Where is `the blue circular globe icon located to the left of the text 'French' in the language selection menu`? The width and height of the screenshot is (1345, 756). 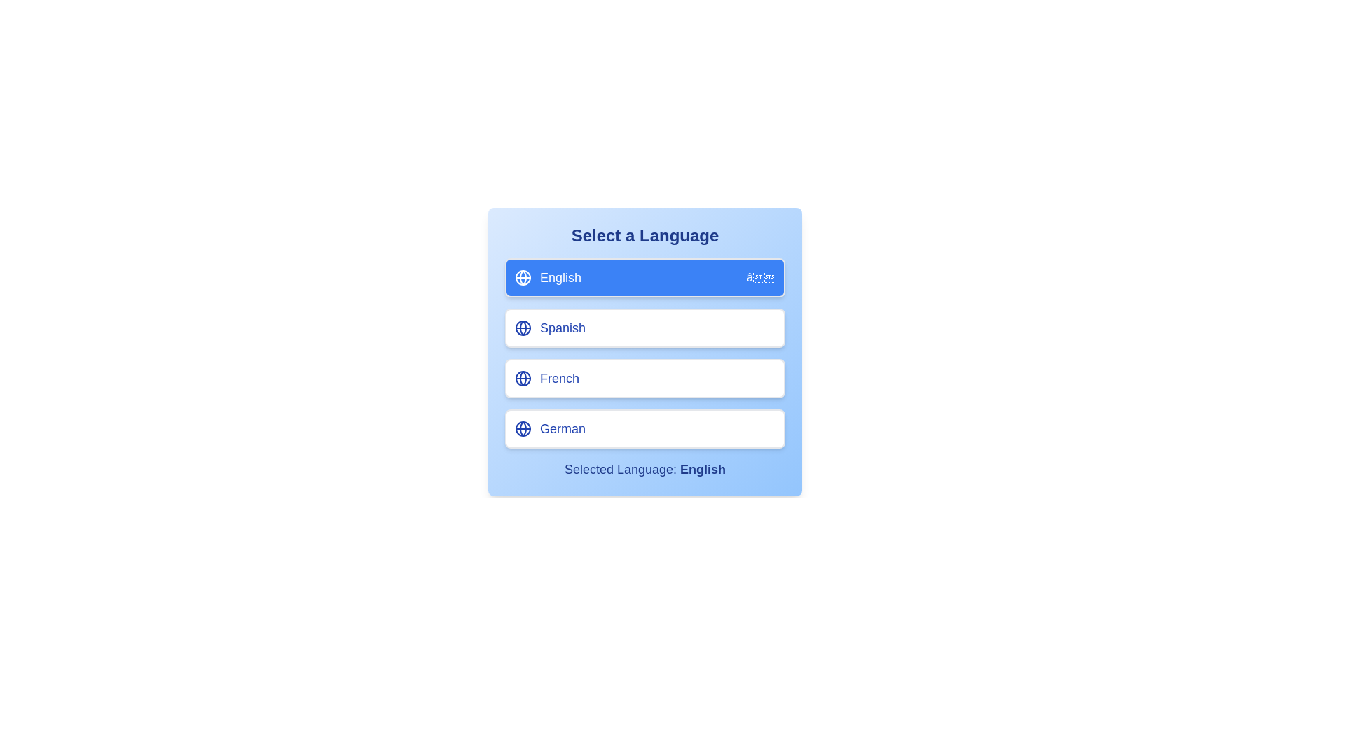
the blue circular globe icon located to the left of the text 'French' in the language selection menu is located at coordinates (523, 378).